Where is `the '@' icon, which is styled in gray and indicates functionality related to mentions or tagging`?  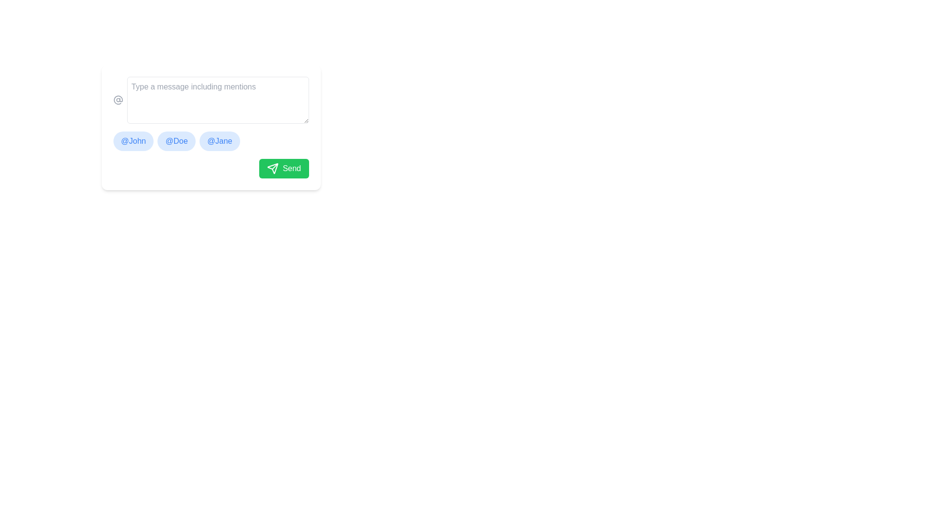
the '@' icon, which is styled in gray and indicates functionality related to mentions or tagging is located at coordinates (117, 100).